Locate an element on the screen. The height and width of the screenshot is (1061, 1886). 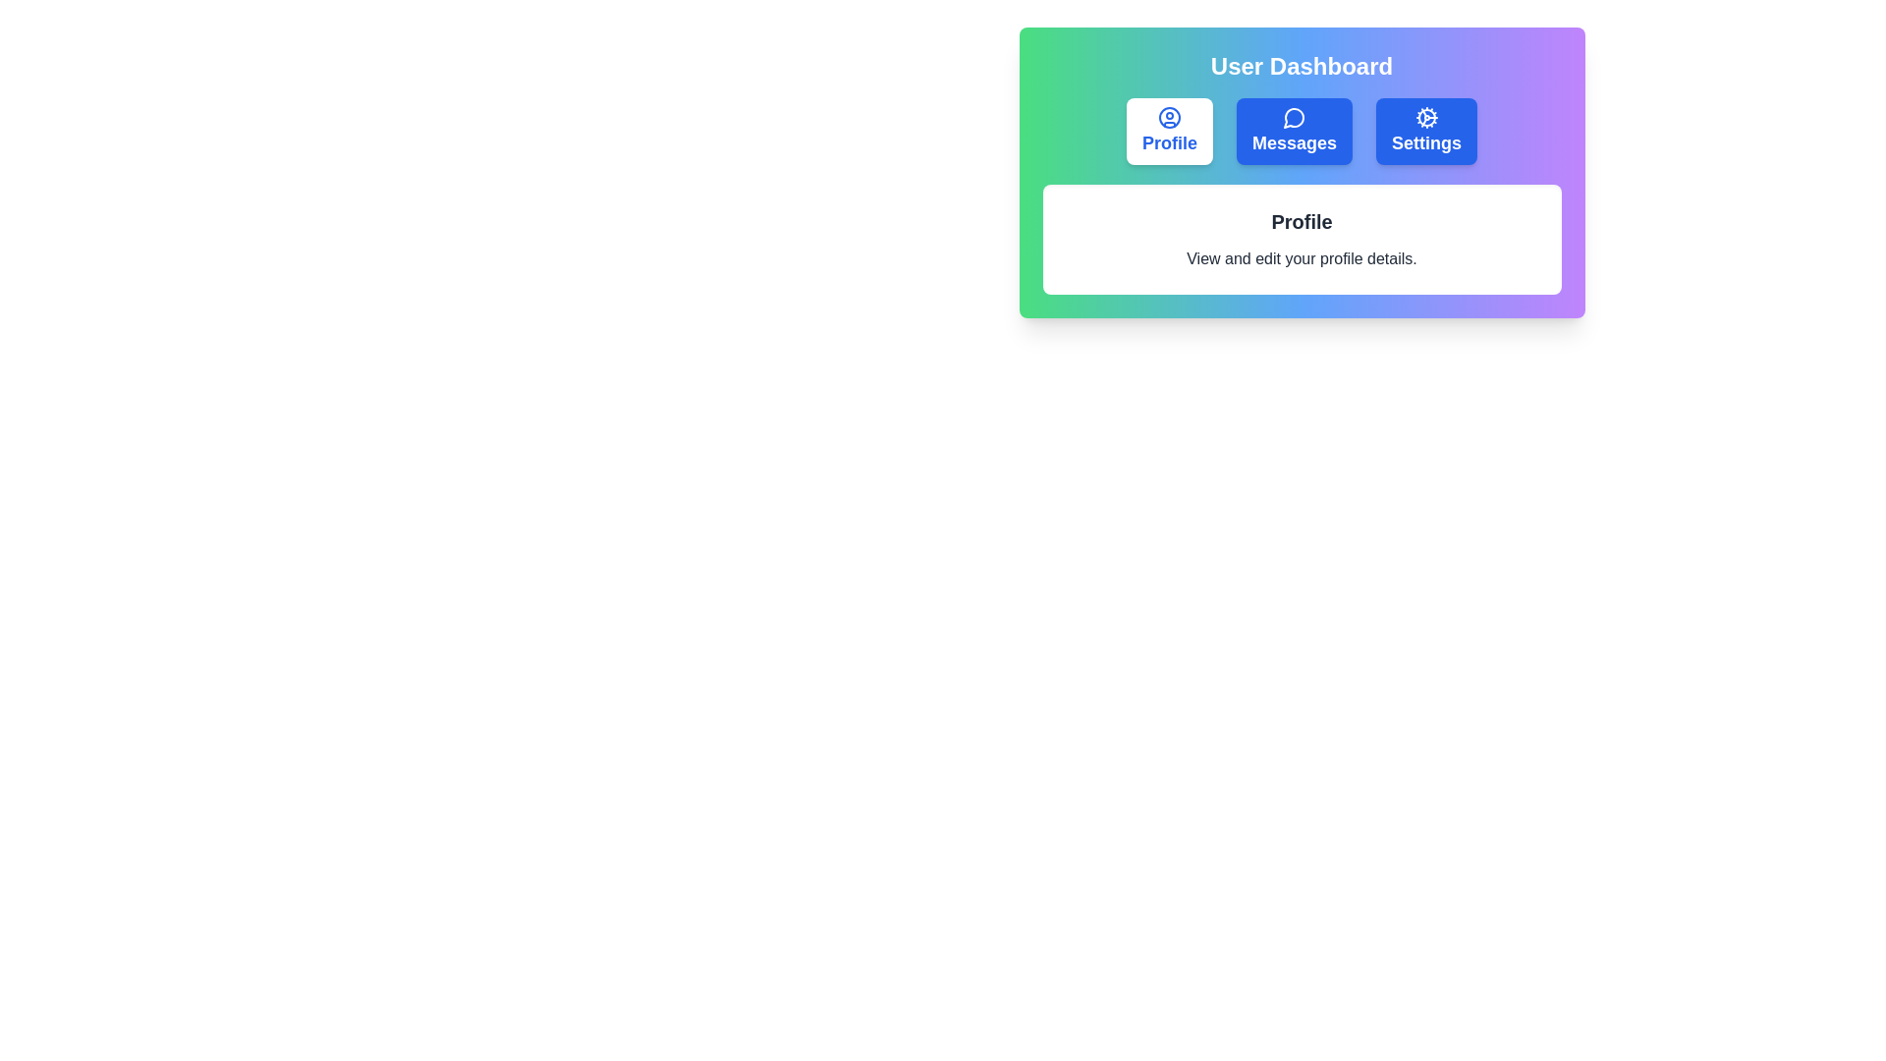
the 'Profile' button in the navigation bar is located at coordinates (1169, 132).